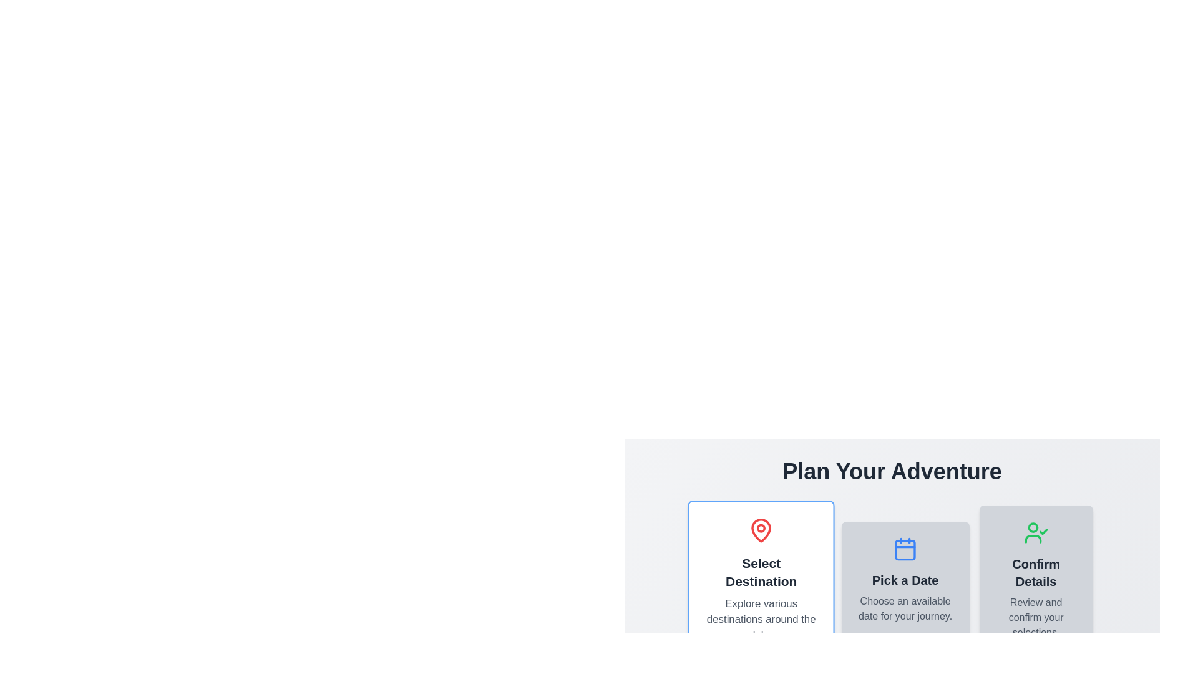 This screenshot has width=1198, height=674. Describe the element at coordinates (892, 529) in the screenshot. I see `the Informational card or step indicator located in the 'Plan Your Adventure' section, positioned between 'Select Destination' and 'Confirm Details'` at that location.